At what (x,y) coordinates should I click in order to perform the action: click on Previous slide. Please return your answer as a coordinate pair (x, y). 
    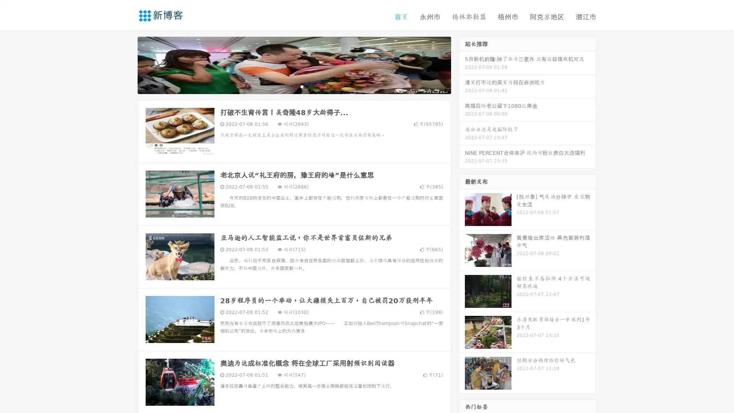
    Looking at the image, I should click on (126, 64).